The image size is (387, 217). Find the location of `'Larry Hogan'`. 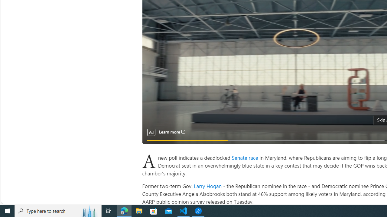

'Larry Hogan' is located at coordinates (208, 185).